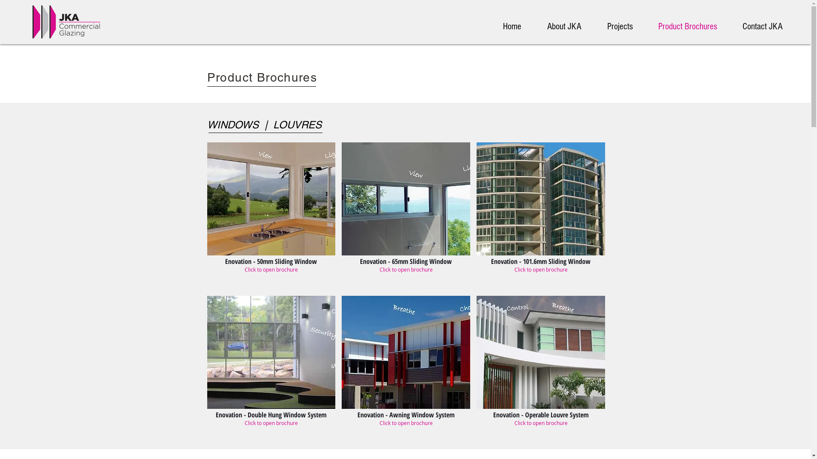 The height and width of the screenshot is (459, 817). What do you see at coordinates (540, 215) in the screenshot?
I see `'Enovation - 101.6mm Sliding Window` at bounding box center [540, 215].